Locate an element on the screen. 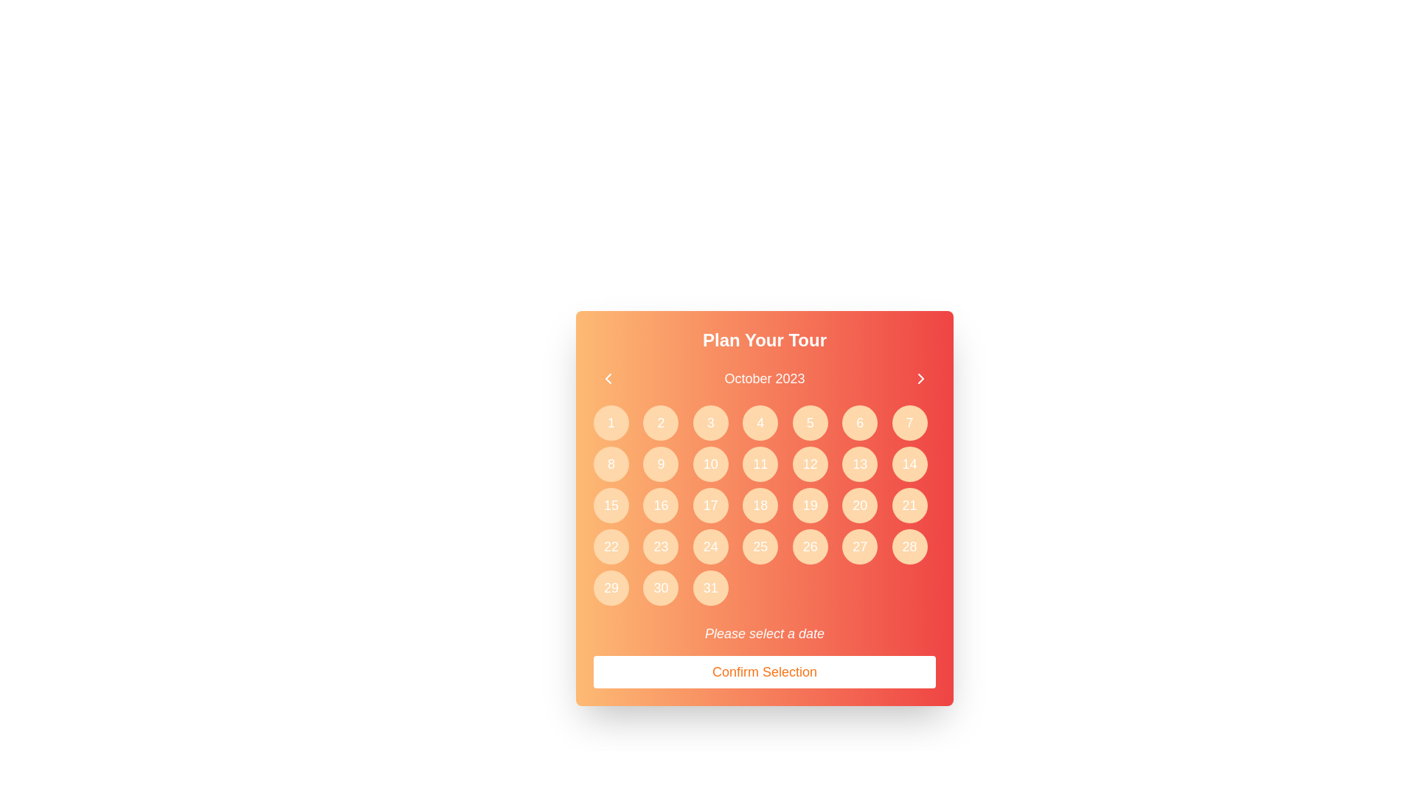 This screenshot has width=1416, height=796. the circular button with a light orange background displaying the number '16' in the calendar interface titled 'Plan Your Tour' for visual feedback is located at coordinates (660, 505).